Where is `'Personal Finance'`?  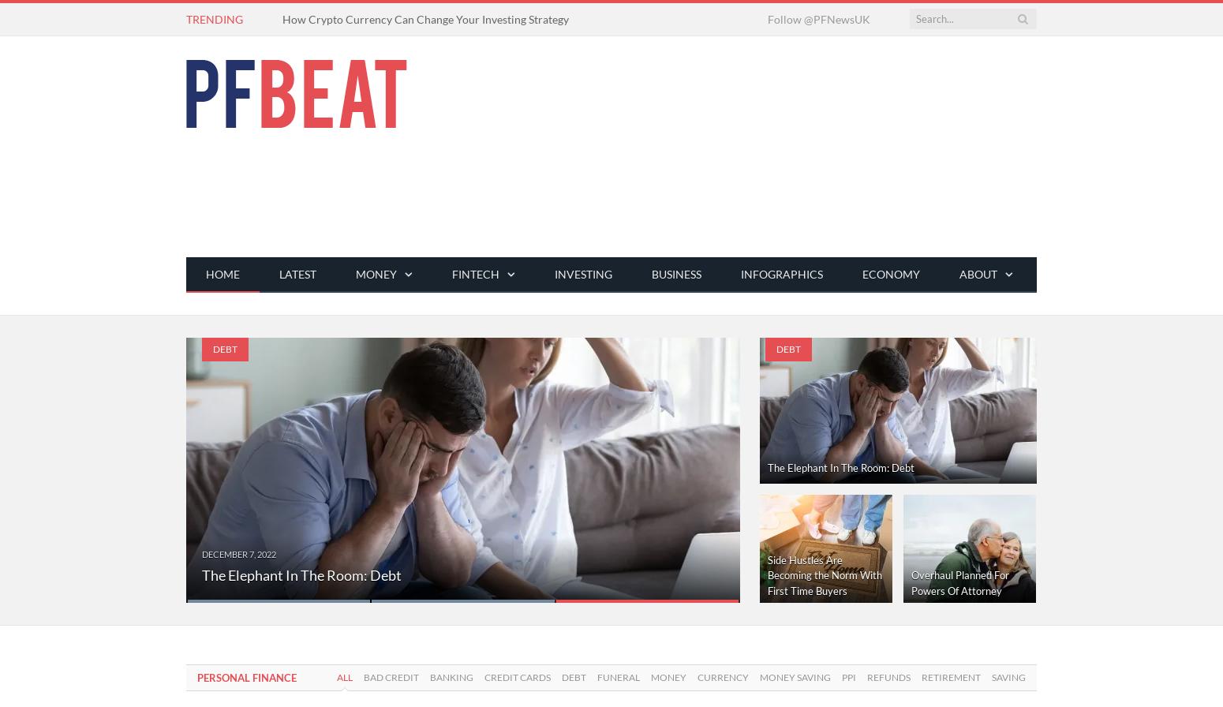 'Personal Finance' is located at coordinates (245, 677).